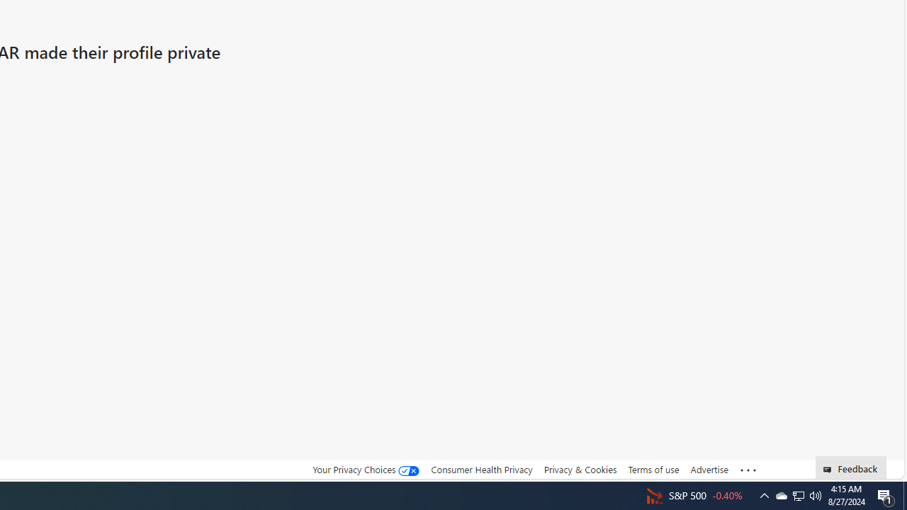  Describe the element at coordinates (482, 469) in the screenshot. I see `'Consumer Health Privacy'` at that location.